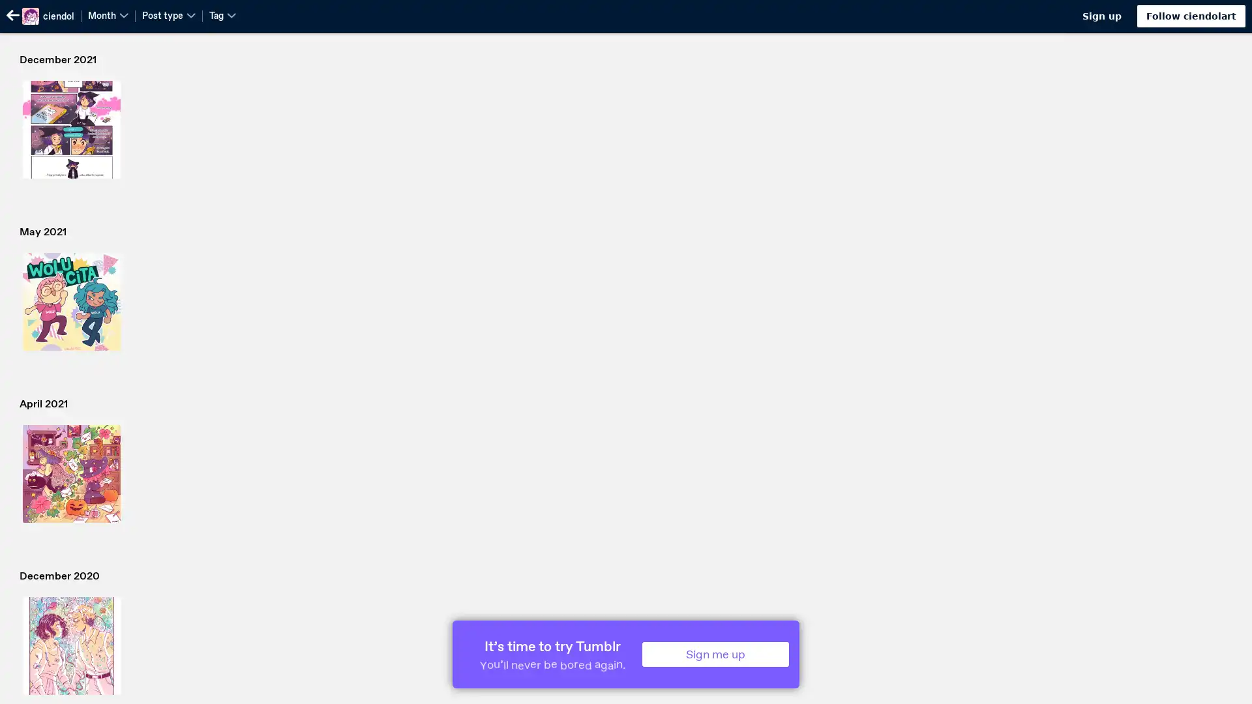  What do you see at coordinates (108, 15) in the screenshot?
I see `Month` at bounding box center [108, 15].